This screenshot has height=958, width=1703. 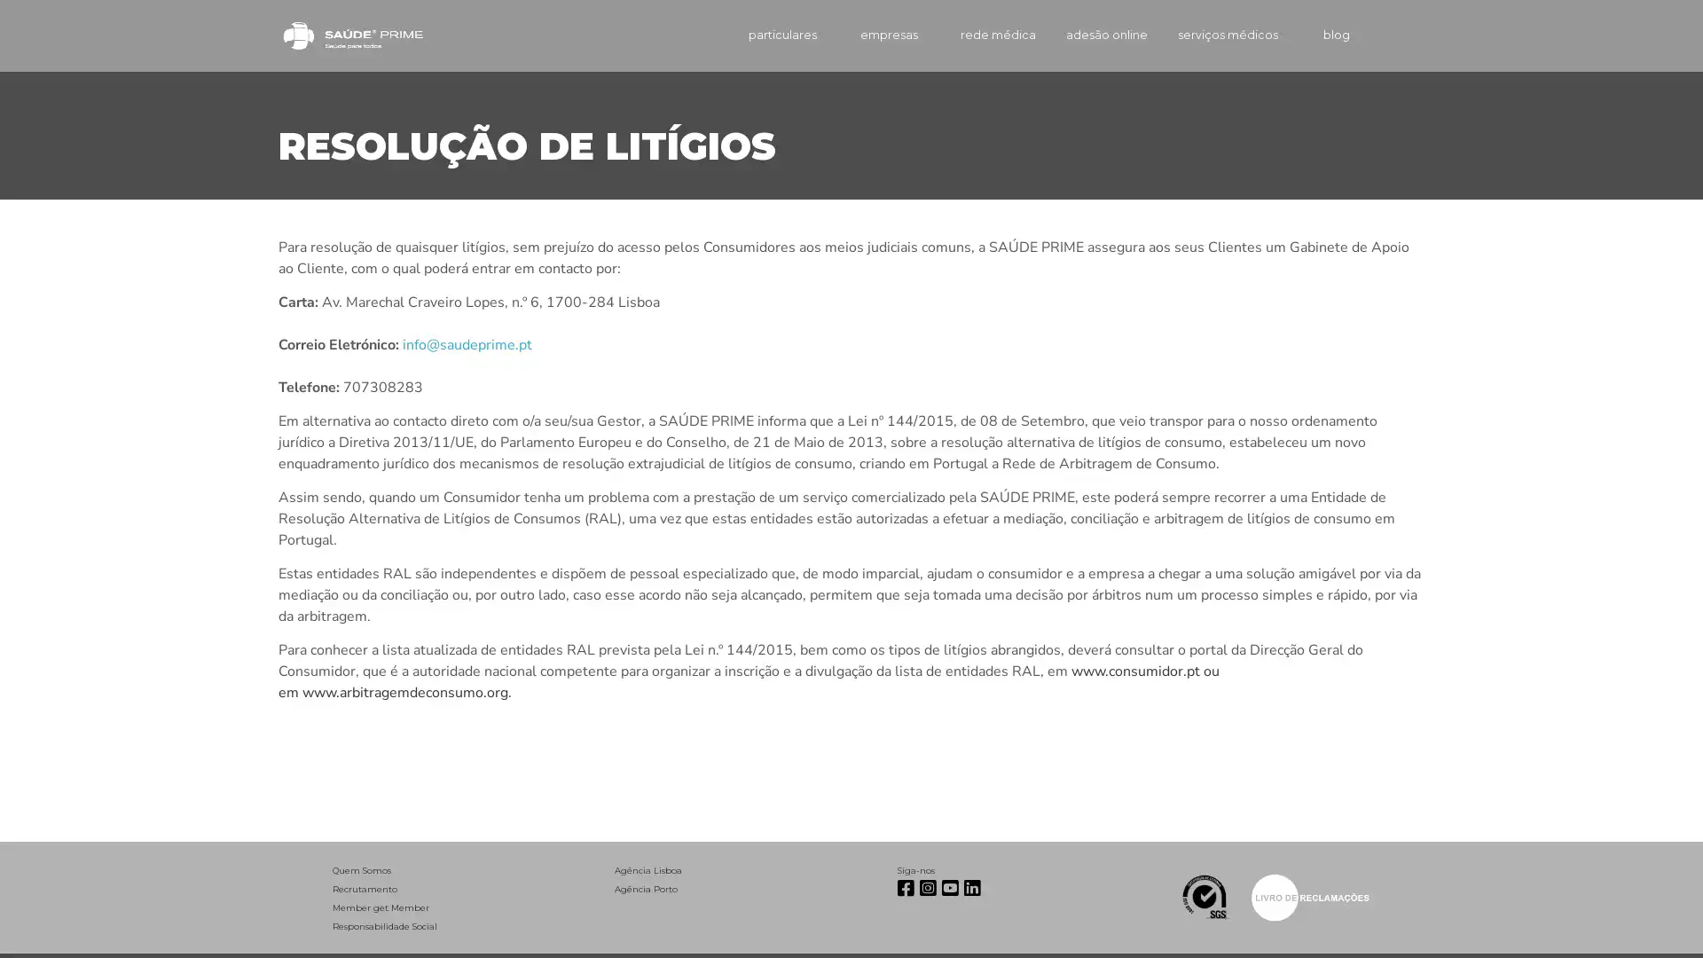 What do you see at coordinates (1216, 35) in the screenshot?
I see `servicos medicos` at bounding box center [1216, 35].